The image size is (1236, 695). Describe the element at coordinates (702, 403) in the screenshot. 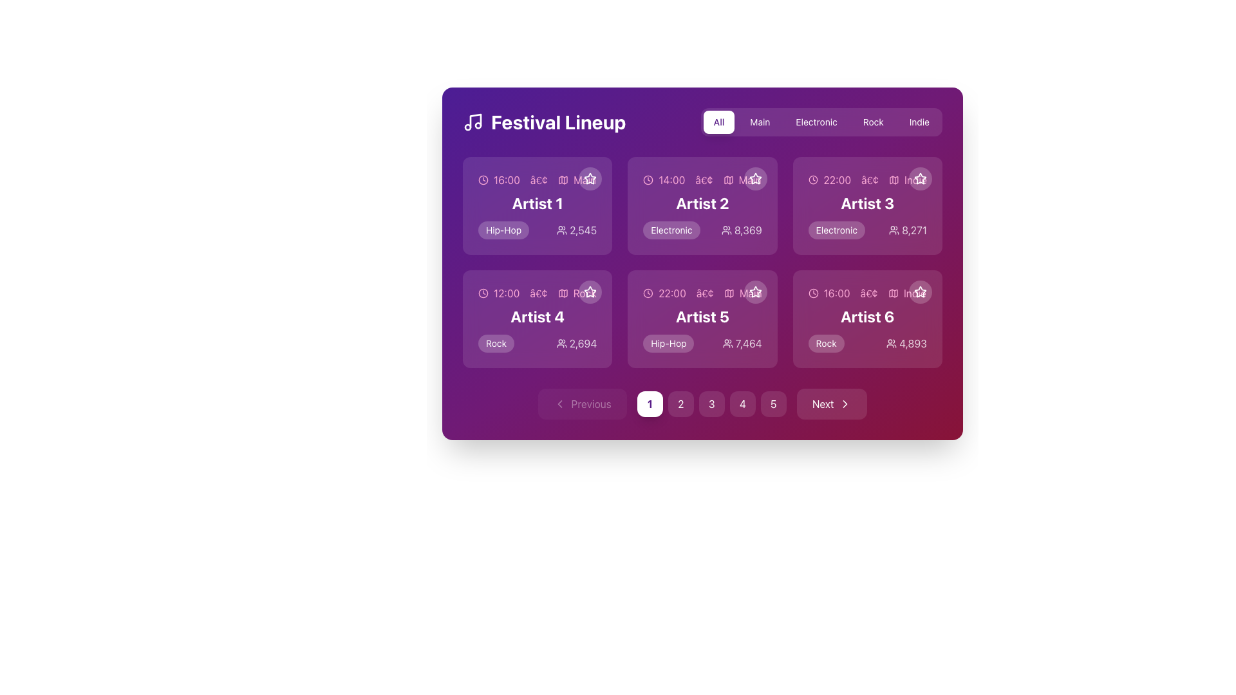

I see `the circular button labeled '3' in the pagination control` at that location.